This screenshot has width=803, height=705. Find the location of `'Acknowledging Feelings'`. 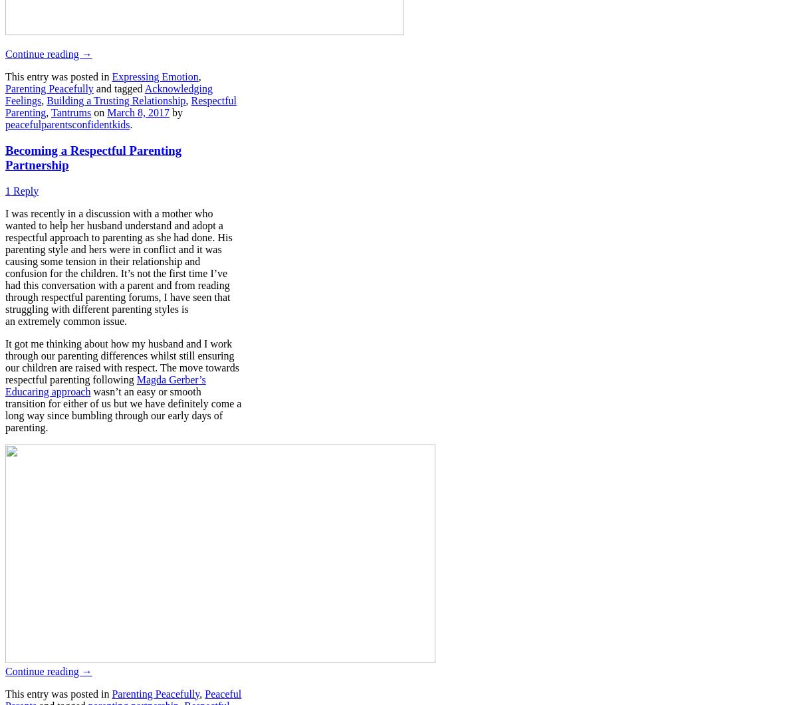

'Acknowledging Feelings' is located at coordinates (108, 94).